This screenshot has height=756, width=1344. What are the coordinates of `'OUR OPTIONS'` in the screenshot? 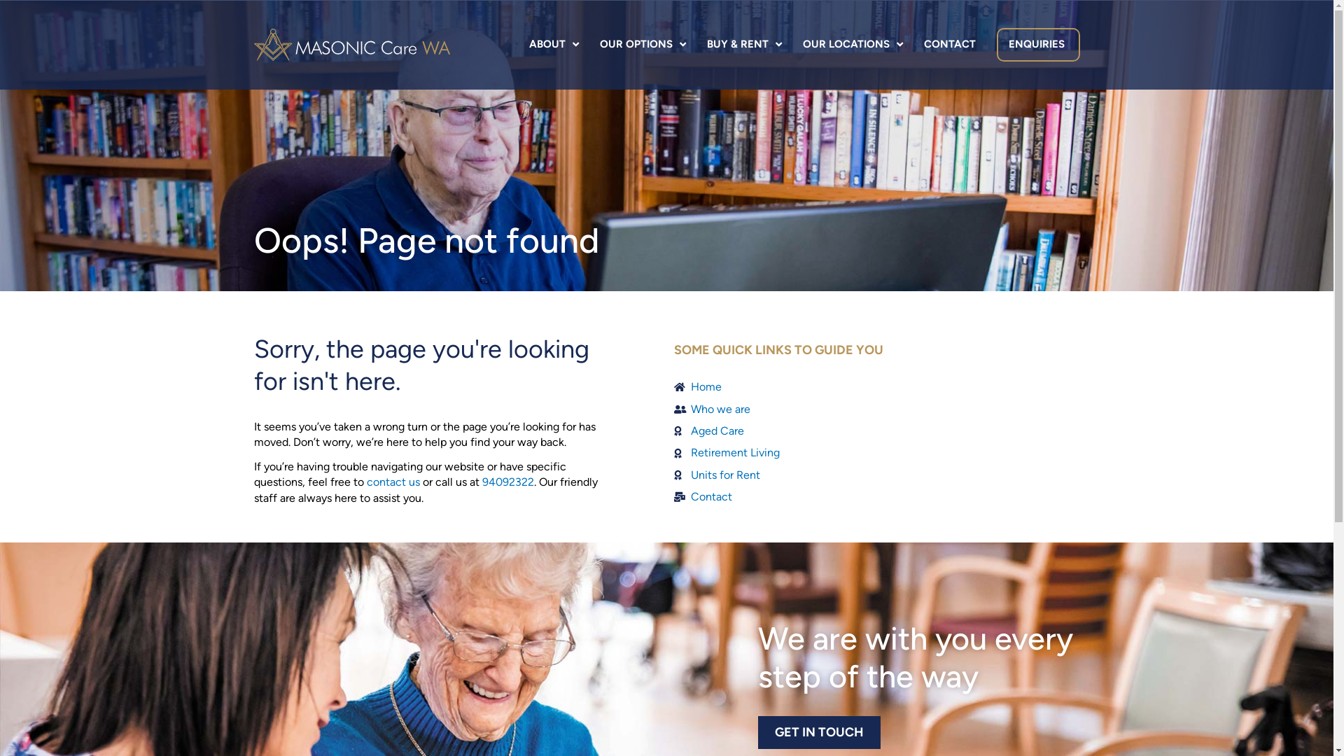 It's located at (642, 44).